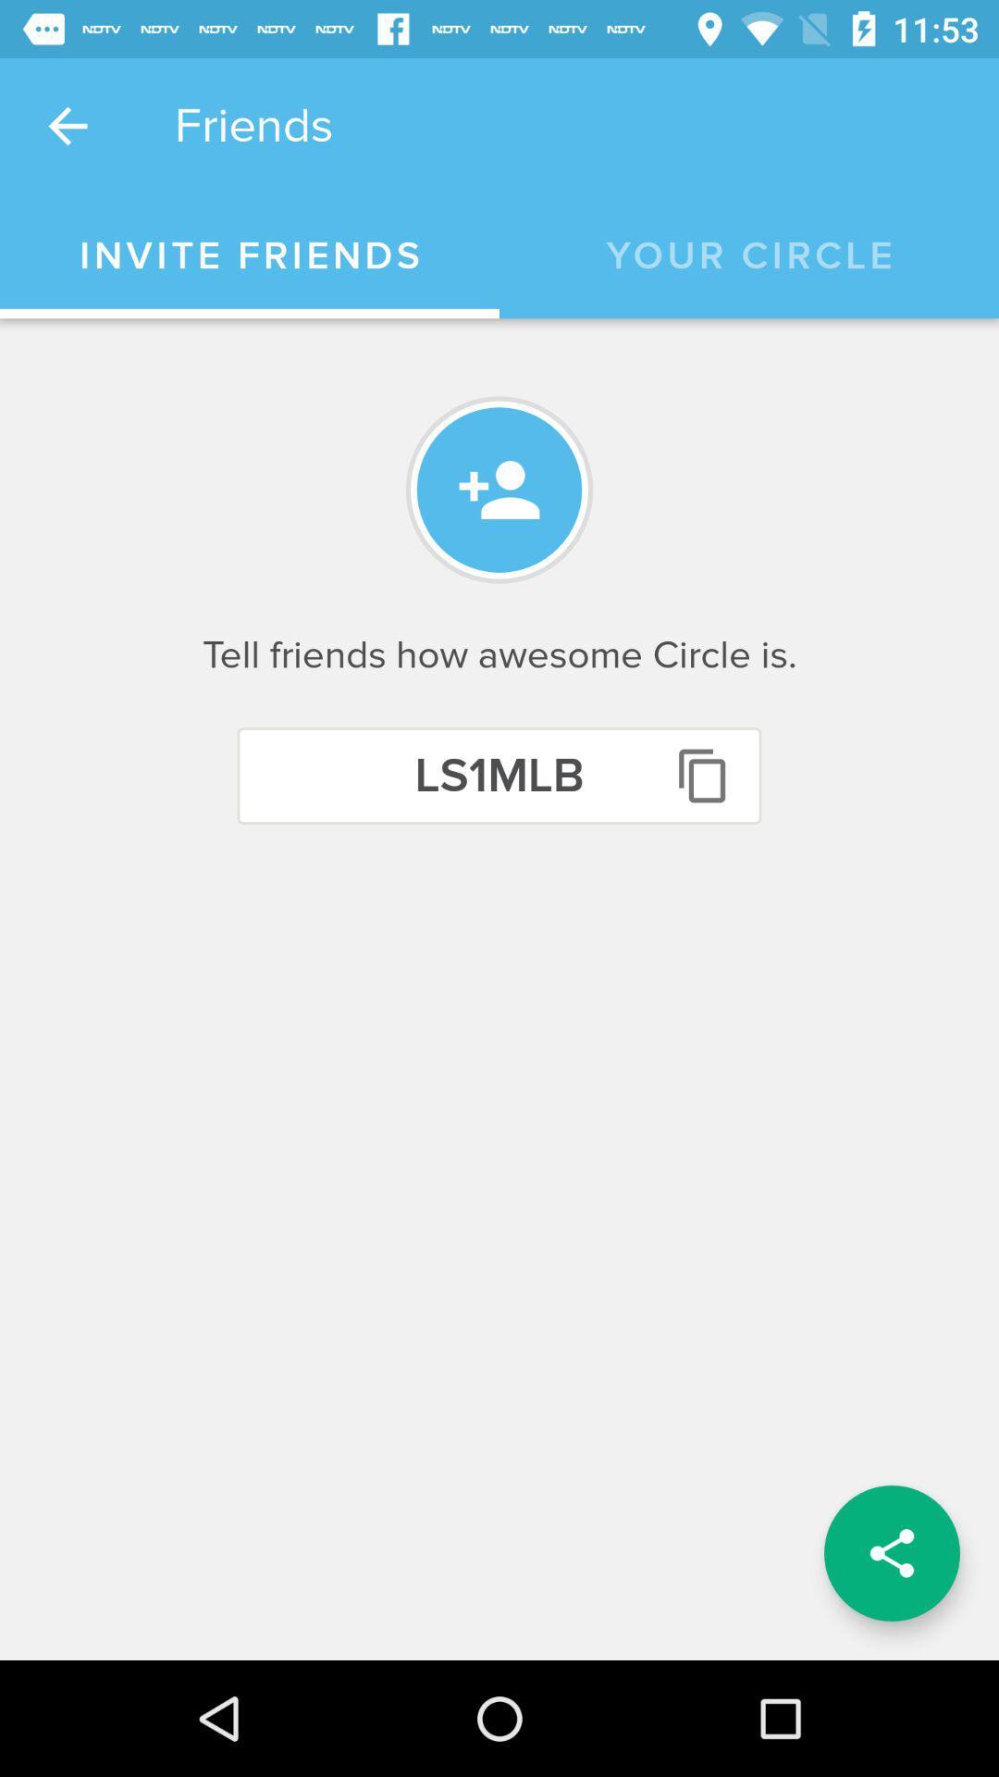  Describe the element at coordinates (499, 776) in the screenshot. I see `the icon below tell friends how` at that location.